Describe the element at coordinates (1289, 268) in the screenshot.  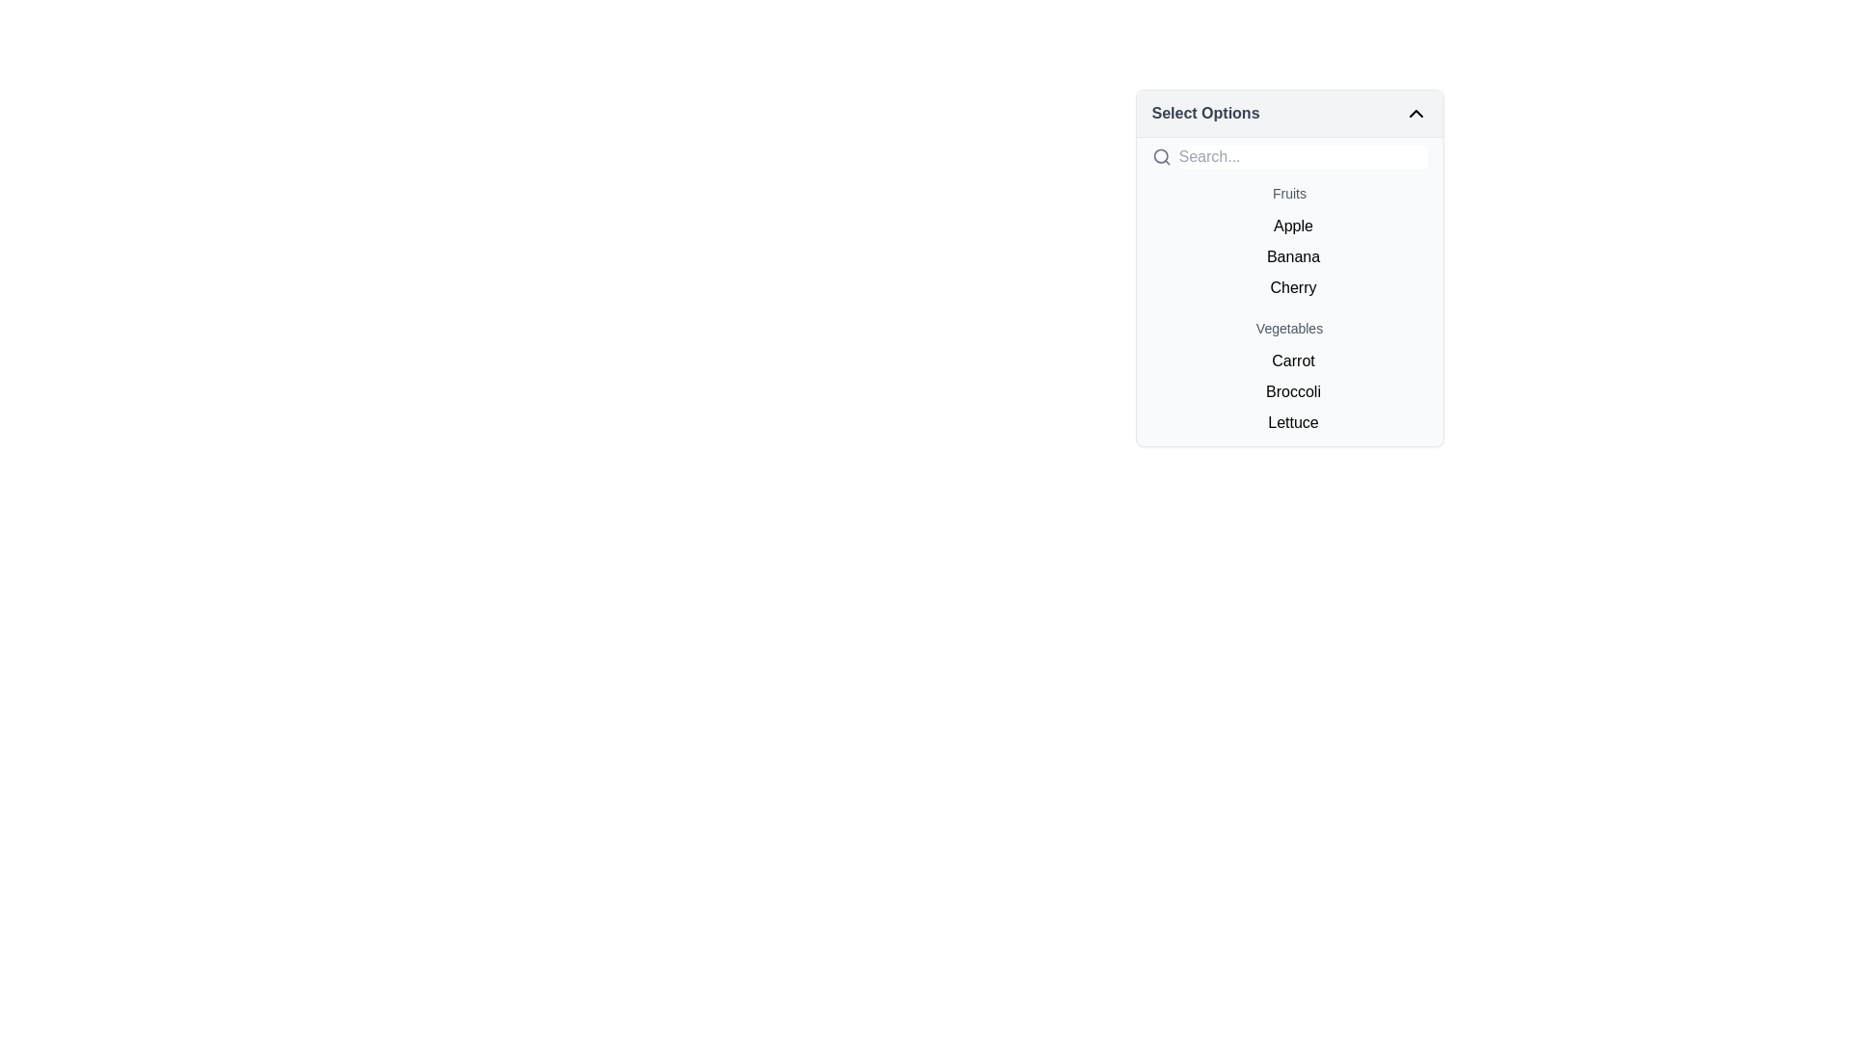
I see `the list item labeled 'Banana'` at that location.